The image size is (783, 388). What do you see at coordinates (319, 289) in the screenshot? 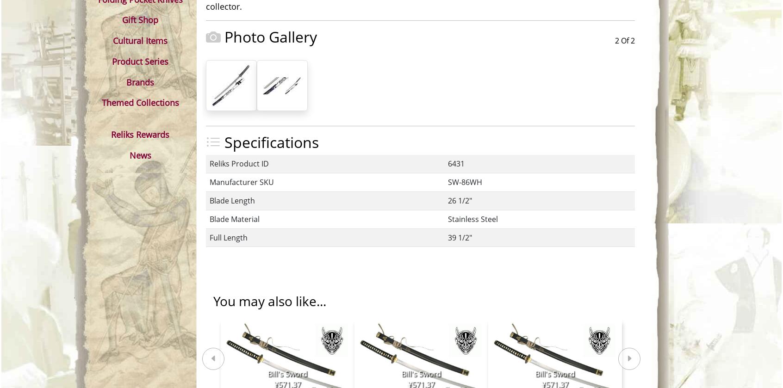
I see `'Brown Medieval Tunic'` at bounding box center [319, 289].